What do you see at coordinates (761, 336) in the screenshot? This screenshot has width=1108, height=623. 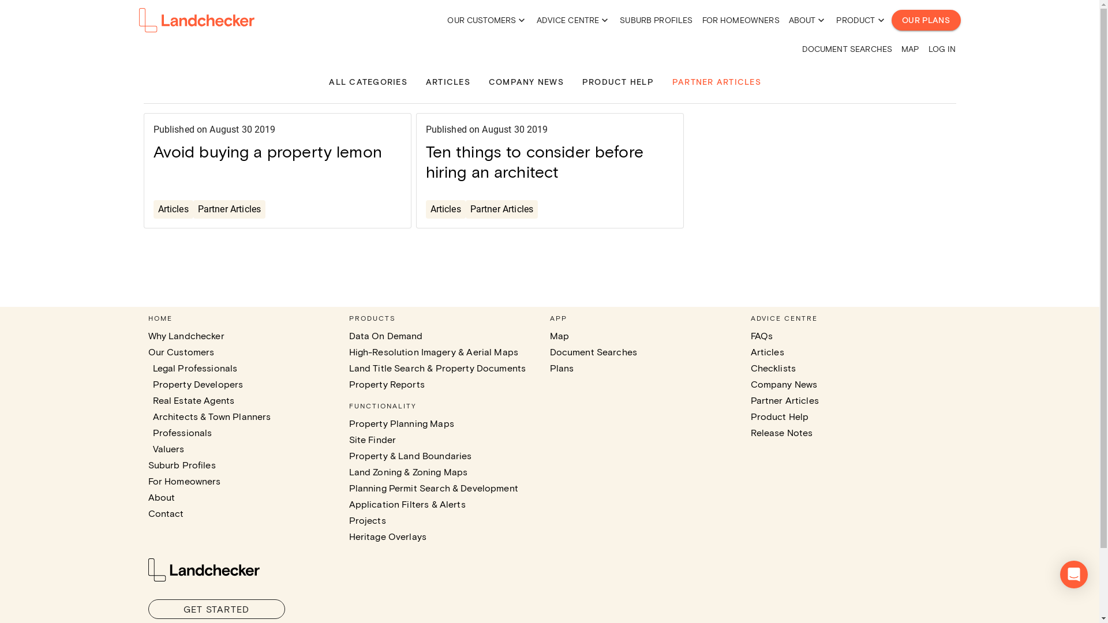 I see `'FAQs'` at bounding box center [761, 336].